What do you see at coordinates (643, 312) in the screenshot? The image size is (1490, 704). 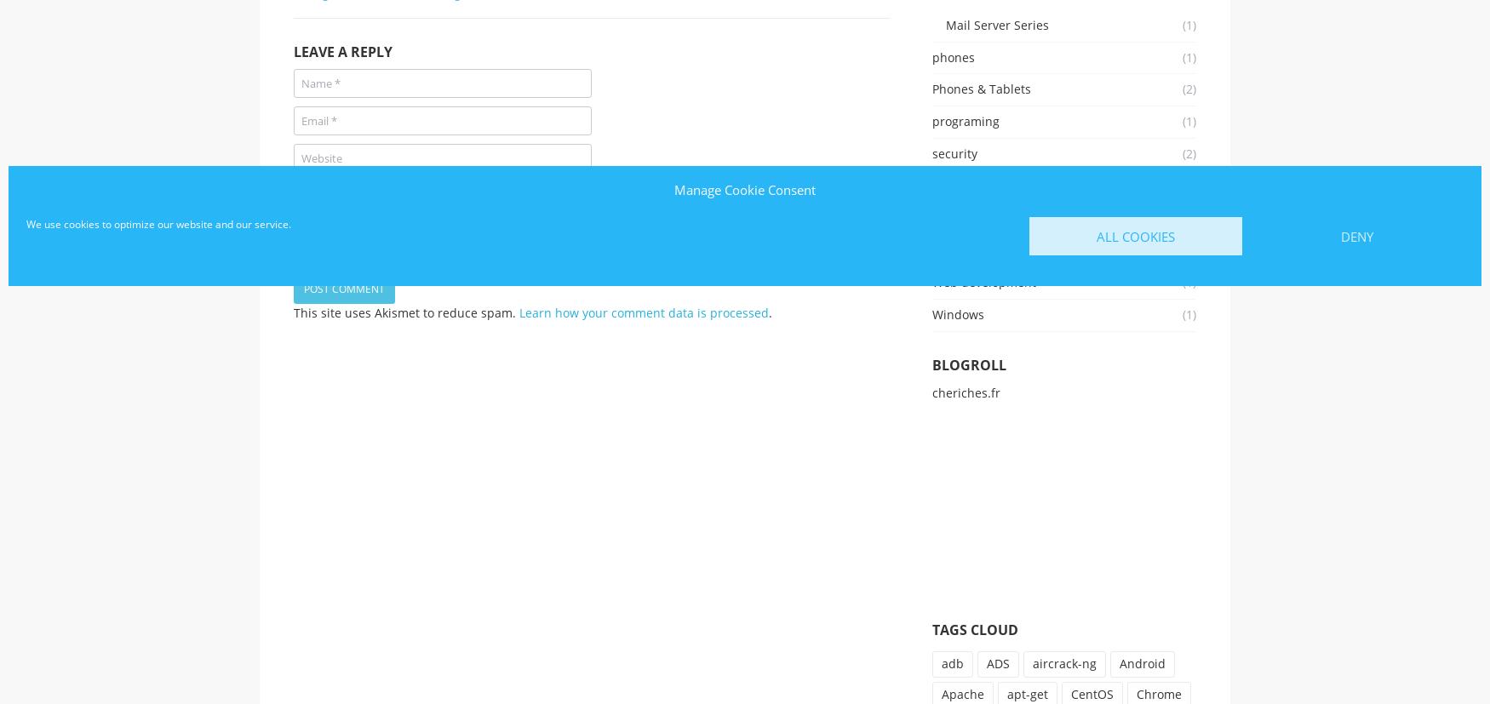 I see `'Learn how your comment data is processed'` at bounding box center [643, 312].